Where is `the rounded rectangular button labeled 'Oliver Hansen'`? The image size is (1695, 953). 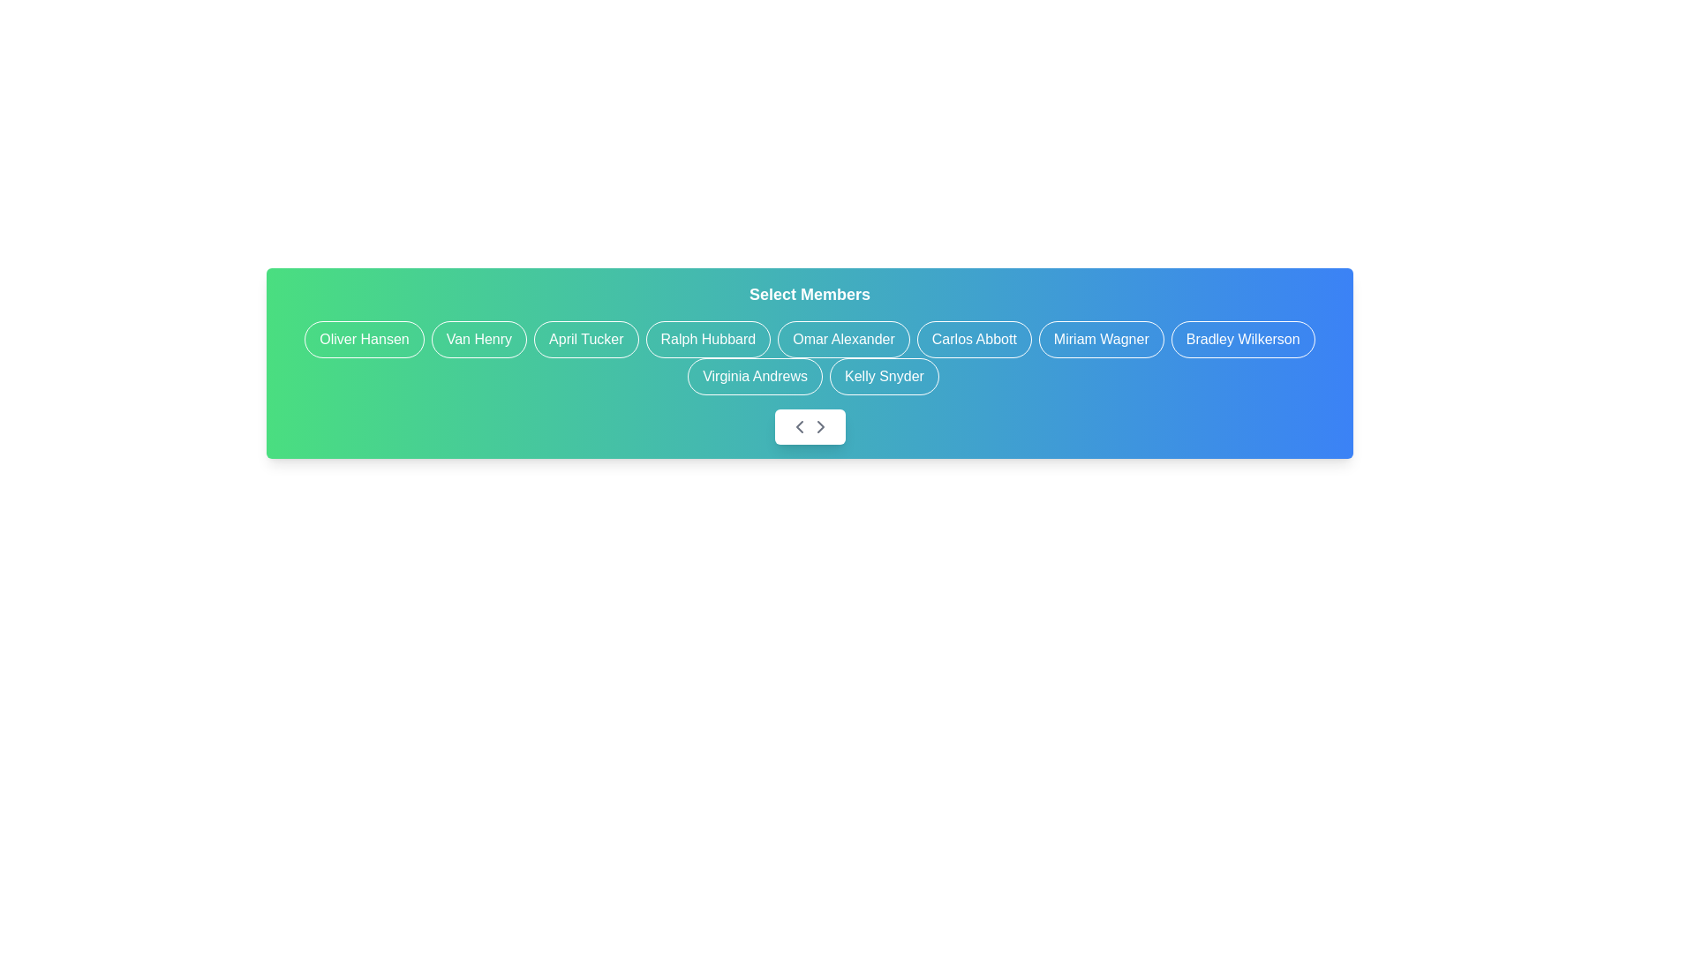 the rounded rectangular button labeled 'Oliver Hansen' is located at coordinates (363, 340).